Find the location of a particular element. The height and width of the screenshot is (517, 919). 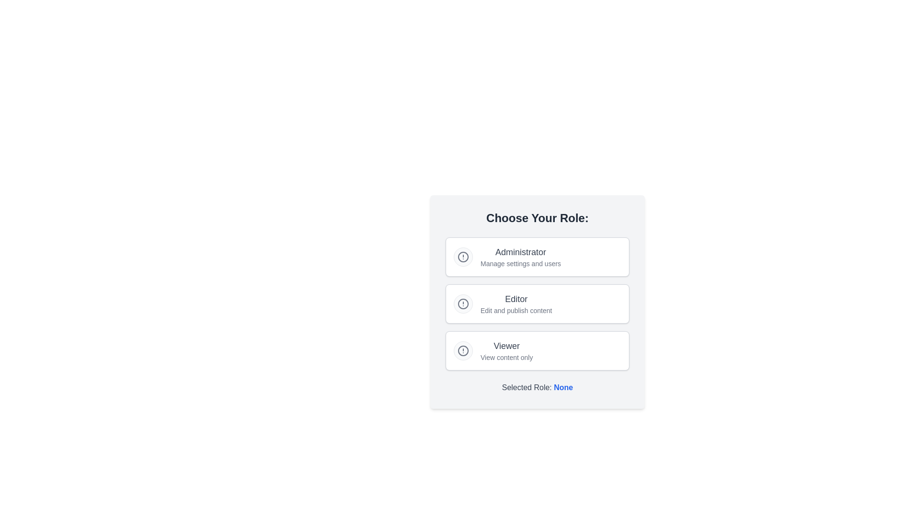

the 'Administrator' role information text display located in the central panel beneath the header 'Choose Your Role:' is located at coordinates (520, 256).